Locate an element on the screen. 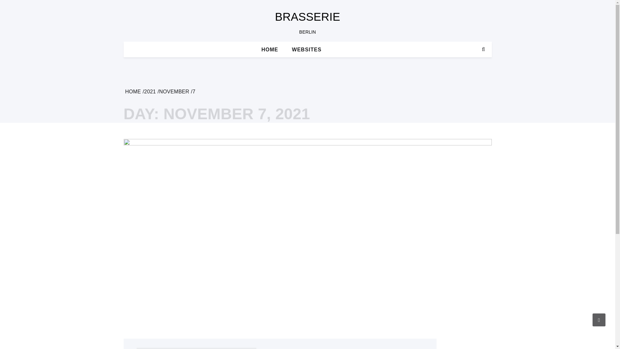 This screenshot has height=349, width=620. '2021' is located at coordinates (150, 91).